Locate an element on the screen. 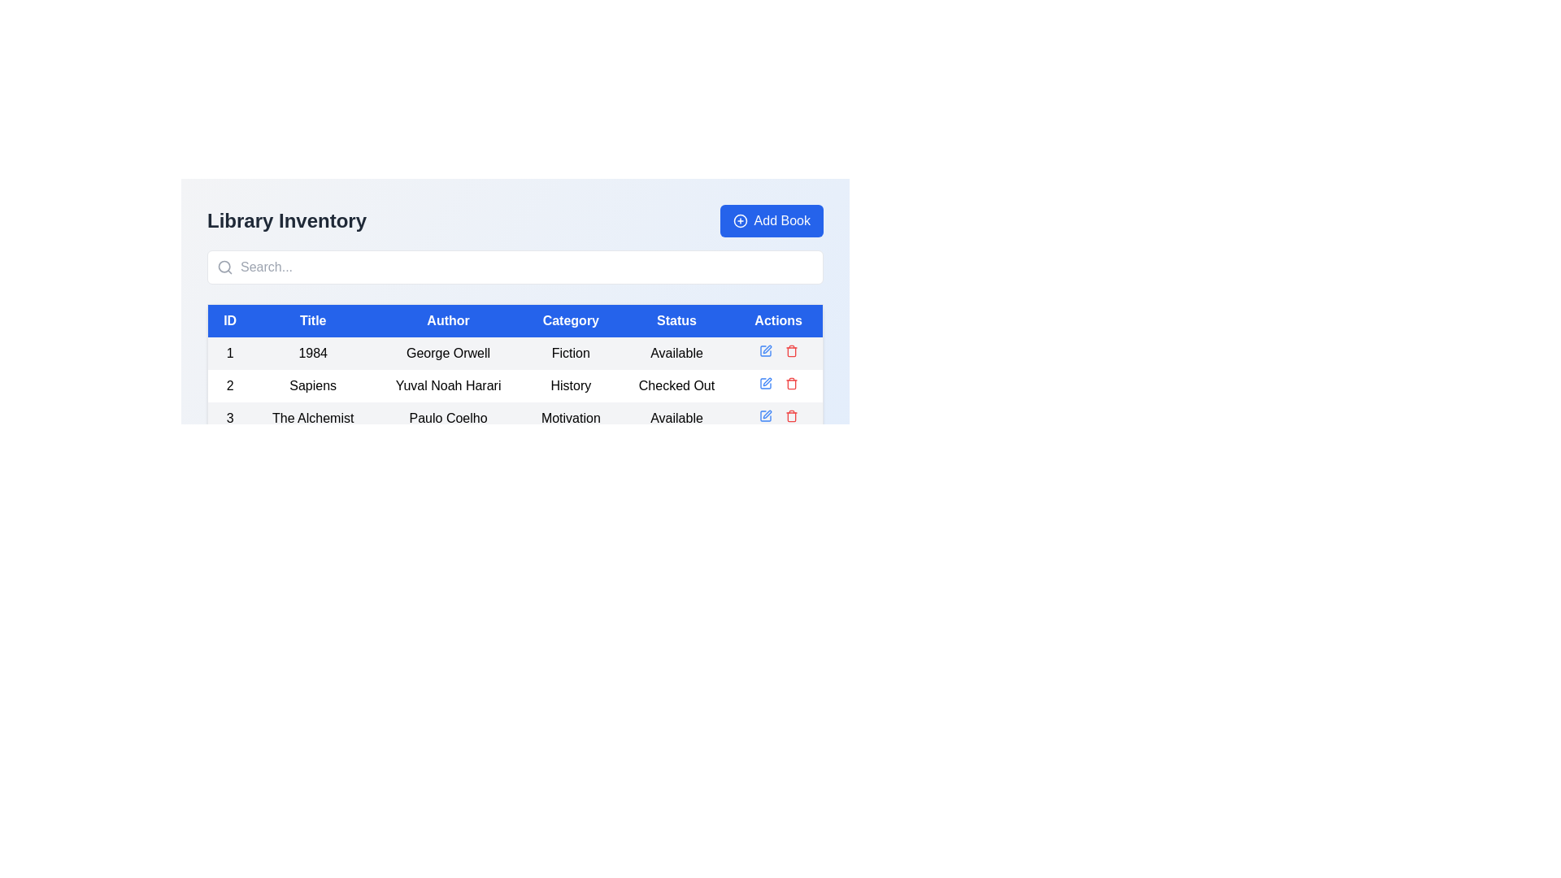 The image size is (1561, 878). the text label displaying 'Fiction' in the 'Category' column of the table is located at coordinates (571, 353).